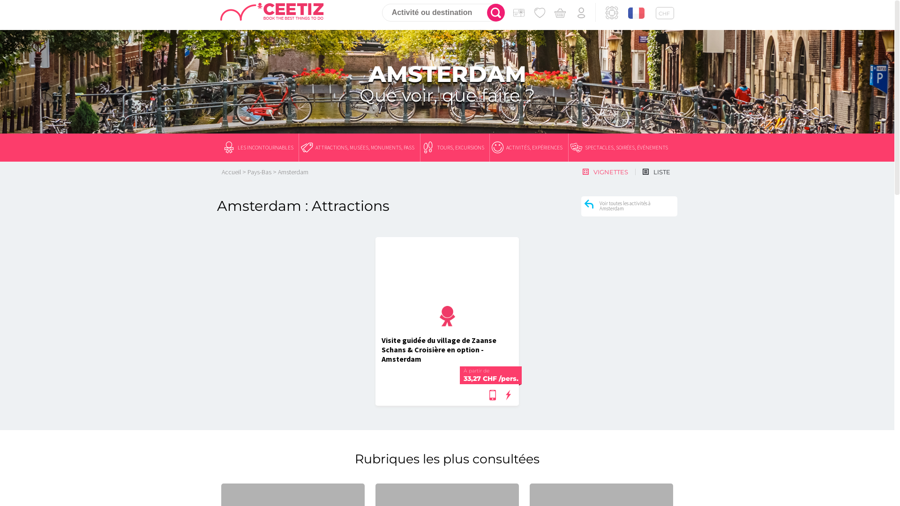  I want to click on 'CHF', so click(664, 13).